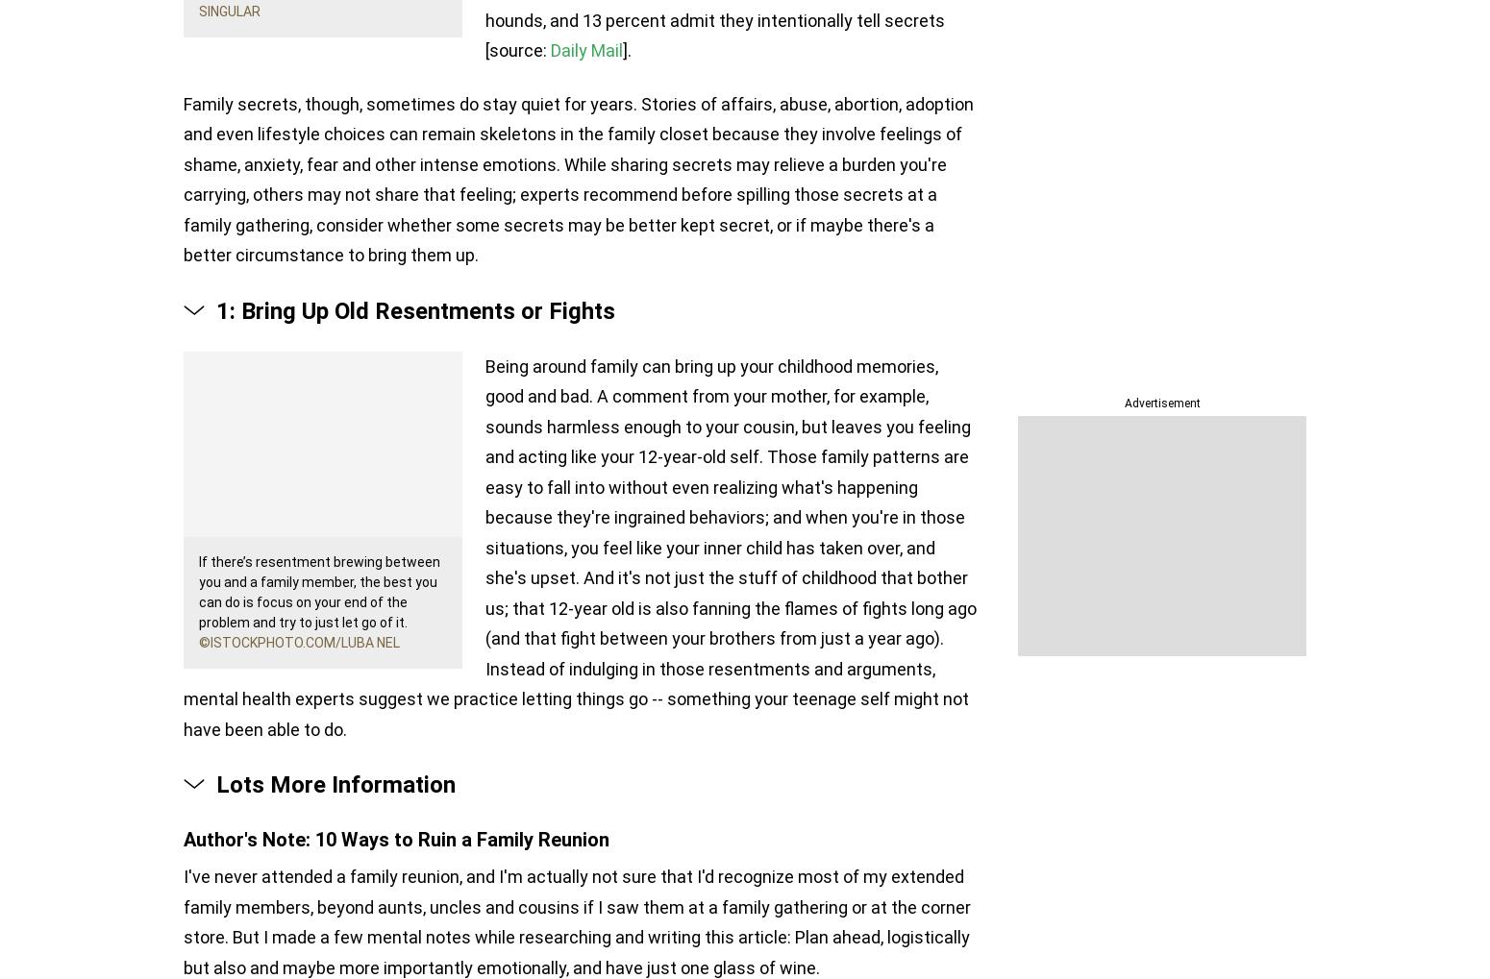 The image size is (1490, 979). Describe the element at coordinates (586, 50) in the screenshot. I see `'Daily Mail'` at that location.